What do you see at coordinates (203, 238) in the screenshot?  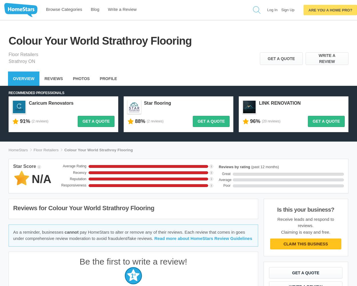 I see `'Read more about HomeStars Review Guidelines'` at bounding box center [203, 238].